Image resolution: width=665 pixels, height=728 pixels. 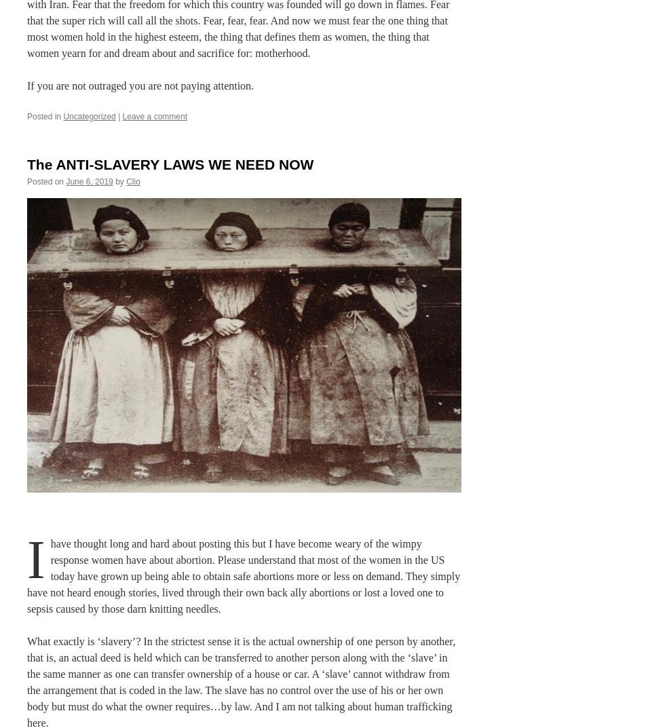 What do you see at coordinates (119, 181) in the screenshot?
I see `'by'` at bounding box center [119, 181].